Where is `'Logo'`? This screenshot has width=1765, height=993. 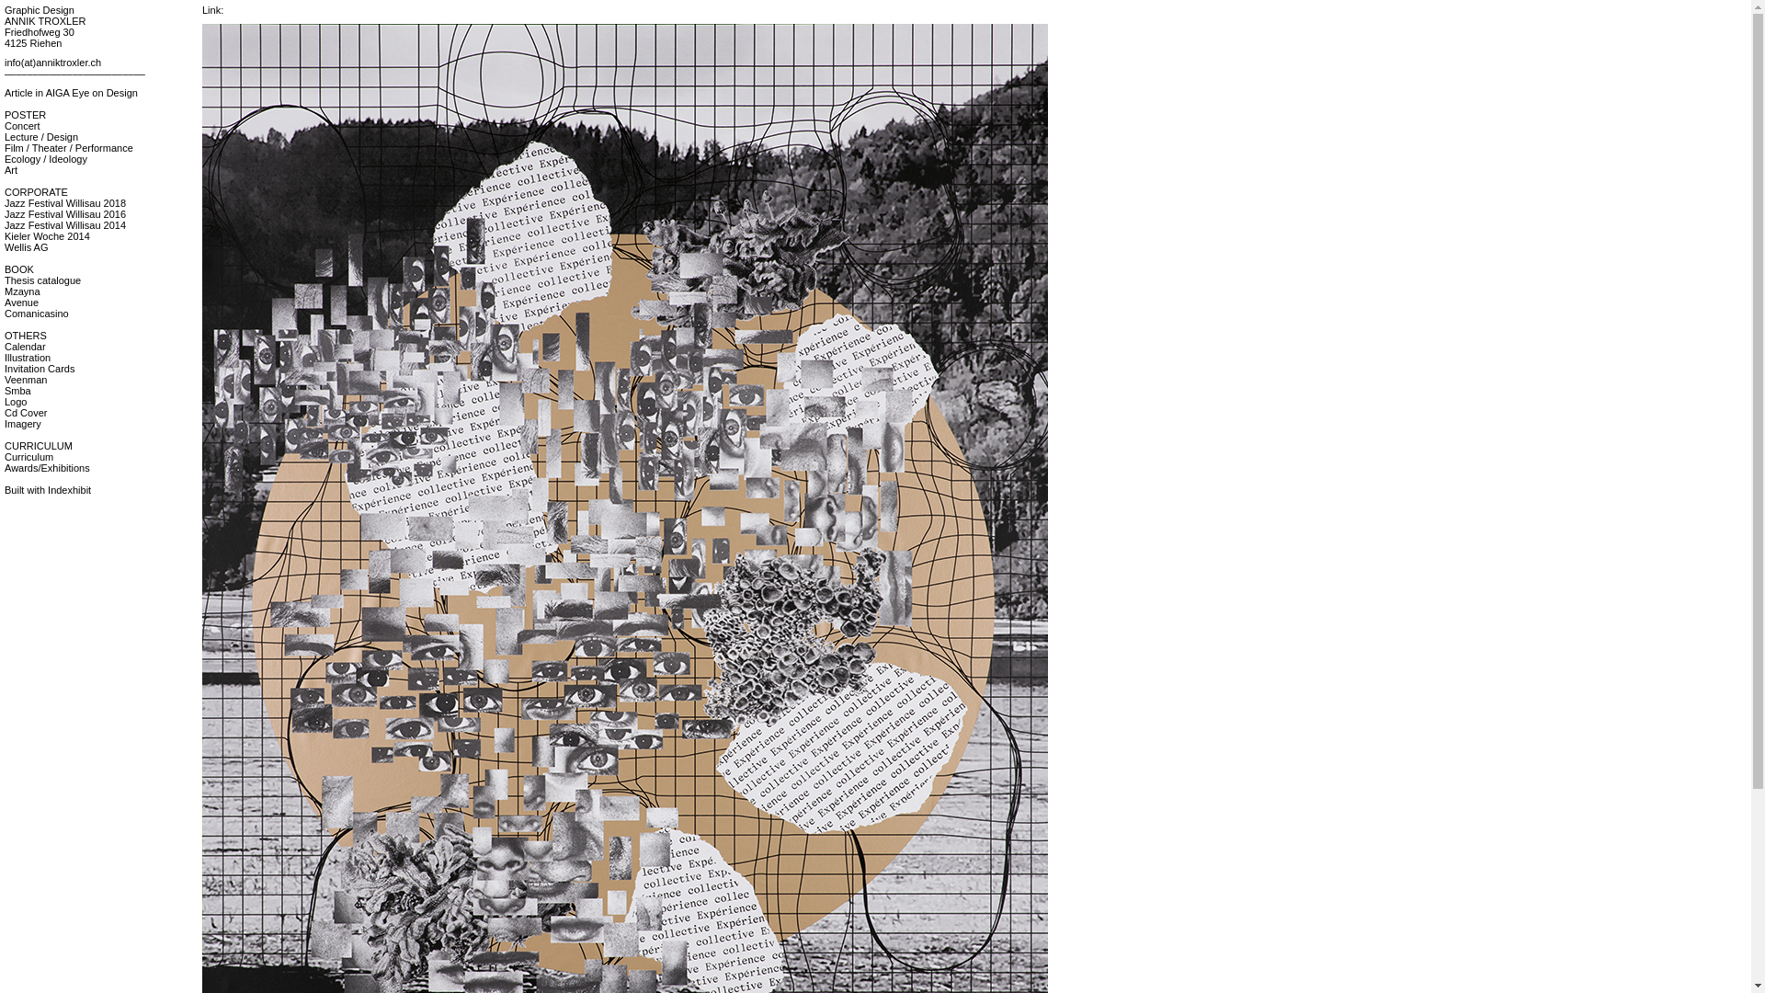 'Logo' is located at coordinates (4, 400).